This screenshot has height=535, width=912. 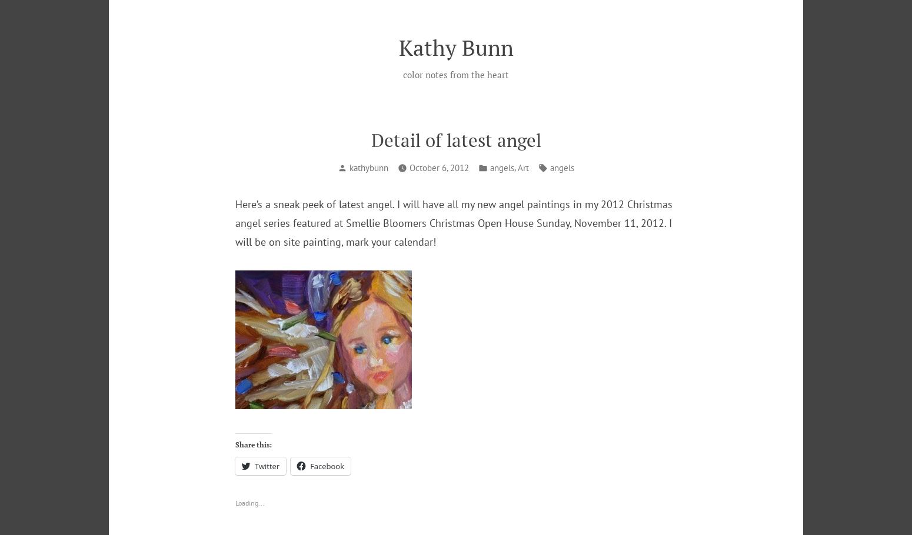 I want to click on 'Facebook', so click(x=327, y=465).